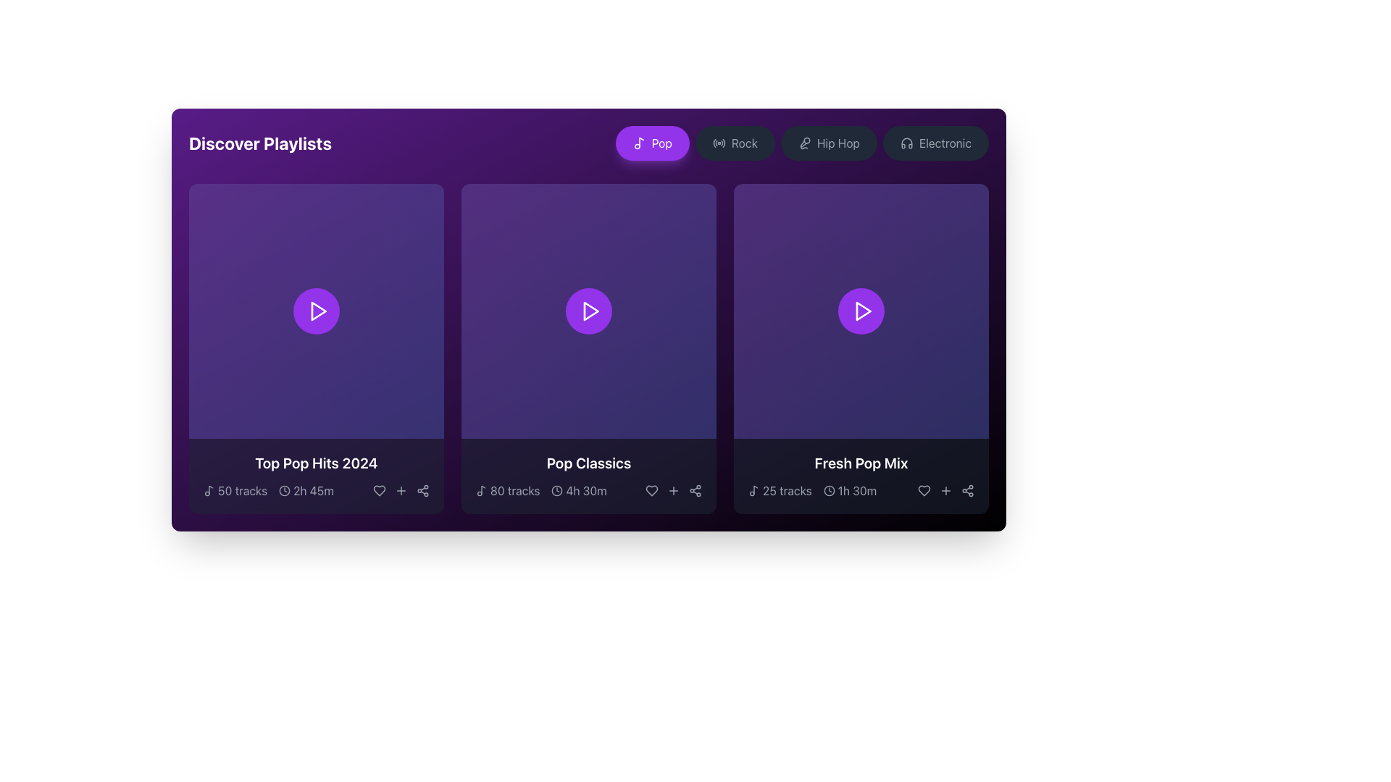 The width and height of the screenshot is (1391, 782). What do you see at coordinates (945, 143) in the screenshot?
I see `the 'Electronic' text label within the button` at bounding box center [945, 143].